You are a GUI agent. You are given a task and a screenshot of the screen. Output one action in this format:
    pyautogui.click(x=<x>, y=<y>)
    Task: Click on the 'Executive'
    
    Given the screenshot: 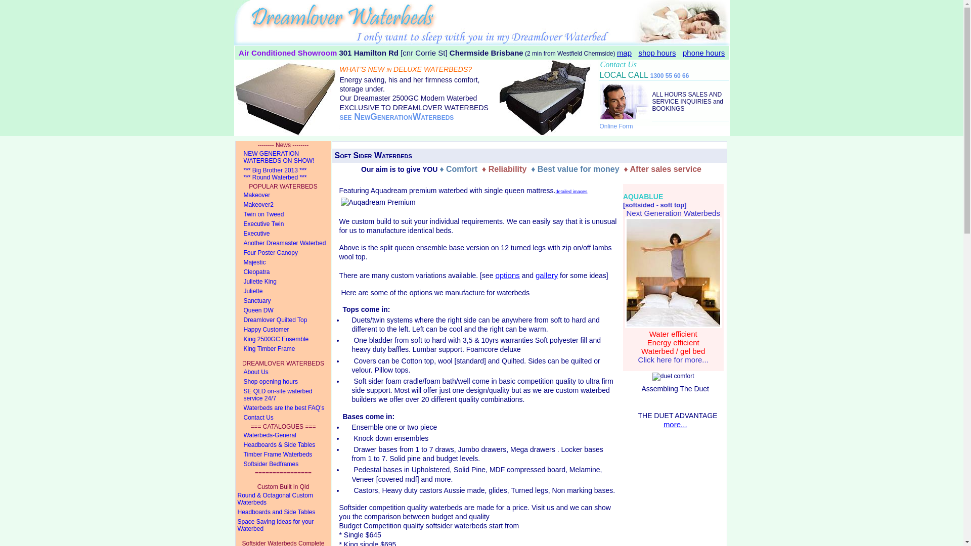 What is the action you would take?
    pyautogui.click(x=283, y=234)
    